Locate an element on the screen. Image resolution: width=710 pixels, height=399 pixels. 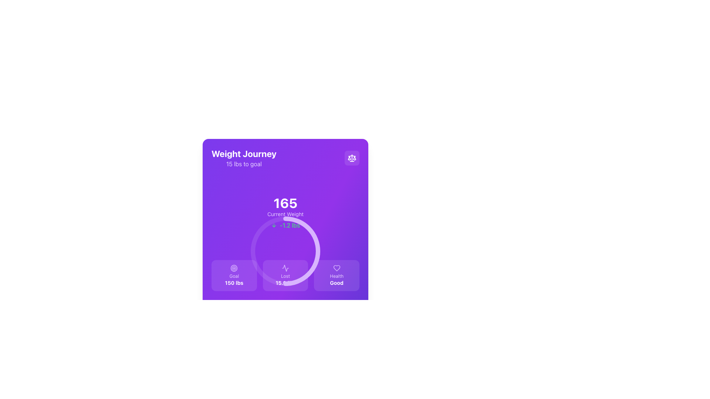
the text label that displays the numerical target of weight to lose in pounds, which is located directly beneath the 'Weight Journey' header in the weight-tracking application is located at coordinates (244, 163).